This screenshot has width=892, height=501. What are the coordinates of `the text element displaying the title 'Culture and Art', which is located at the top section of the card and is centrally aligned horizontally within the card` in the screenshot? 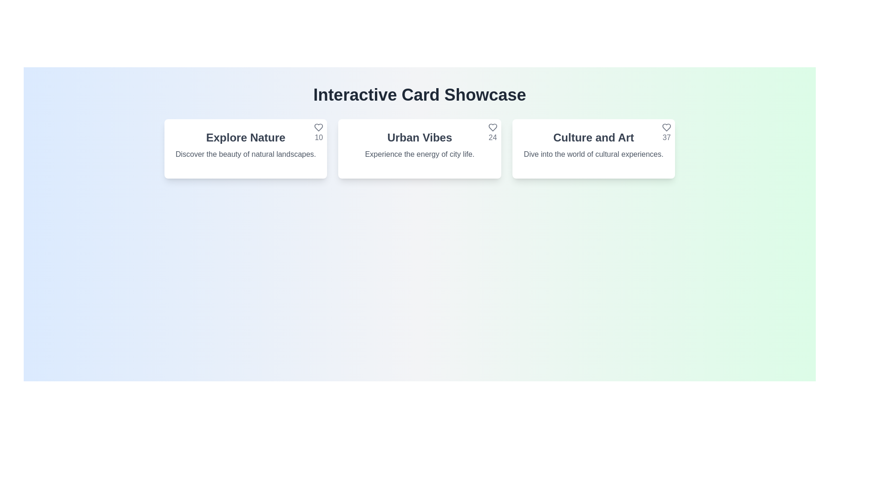 It's located at (593, 138).